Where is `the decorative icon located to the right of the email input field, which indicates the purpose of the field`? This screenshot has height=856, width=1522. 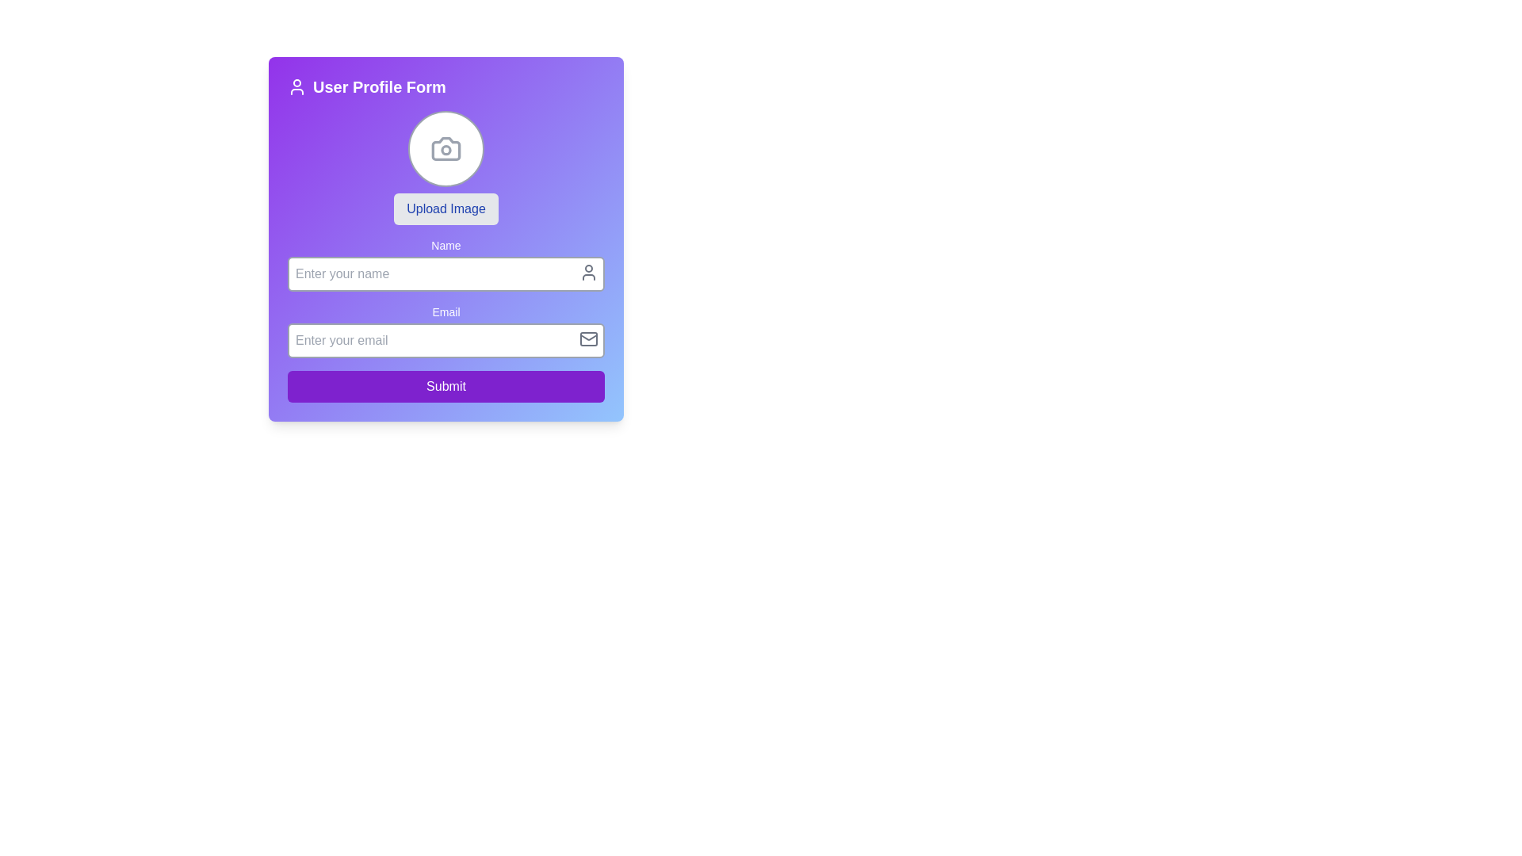
the decorative icon located to the right of the email input field, which indicates the purpose of the field is located at coordinates (588, 338).